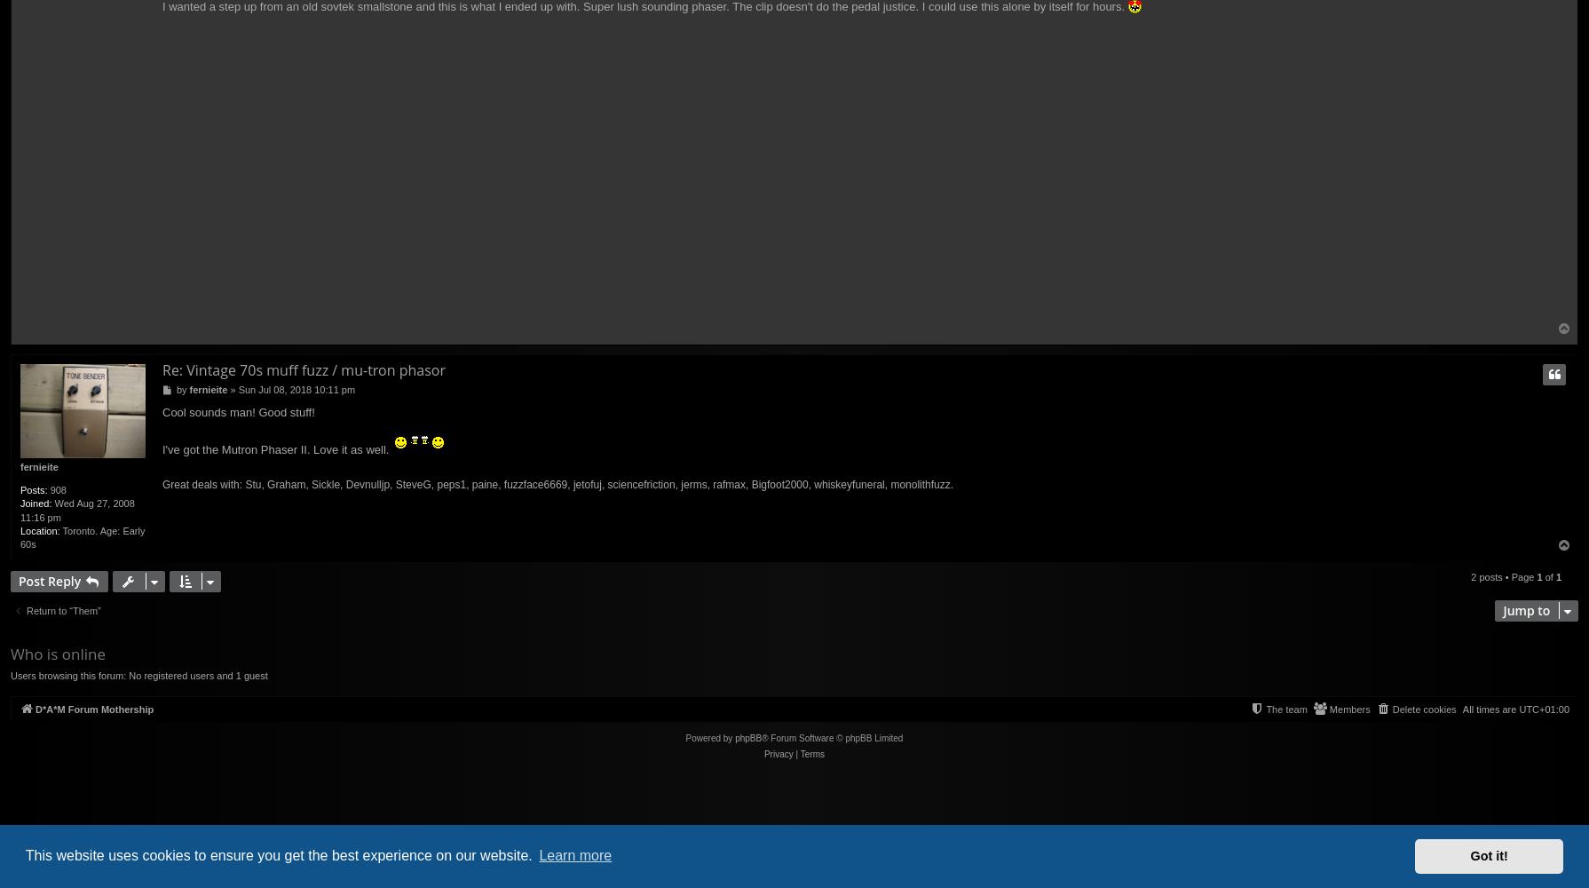 The image size is (1589, 888). I want to click on 'phpBB', so click(747, 737).